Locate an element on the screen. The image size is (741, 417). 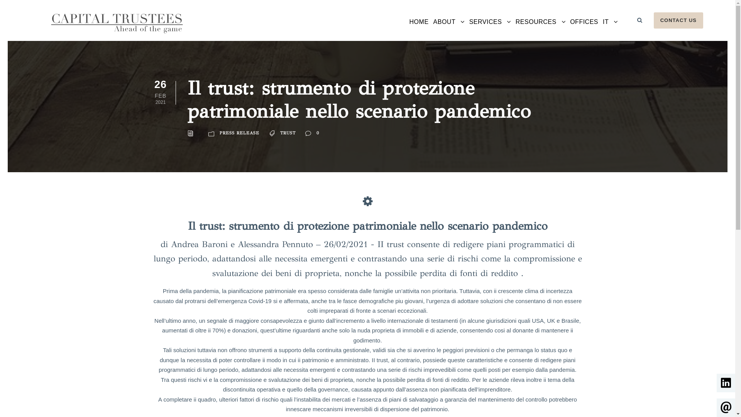
'OFFICES' is located at coordinates (570, 28).